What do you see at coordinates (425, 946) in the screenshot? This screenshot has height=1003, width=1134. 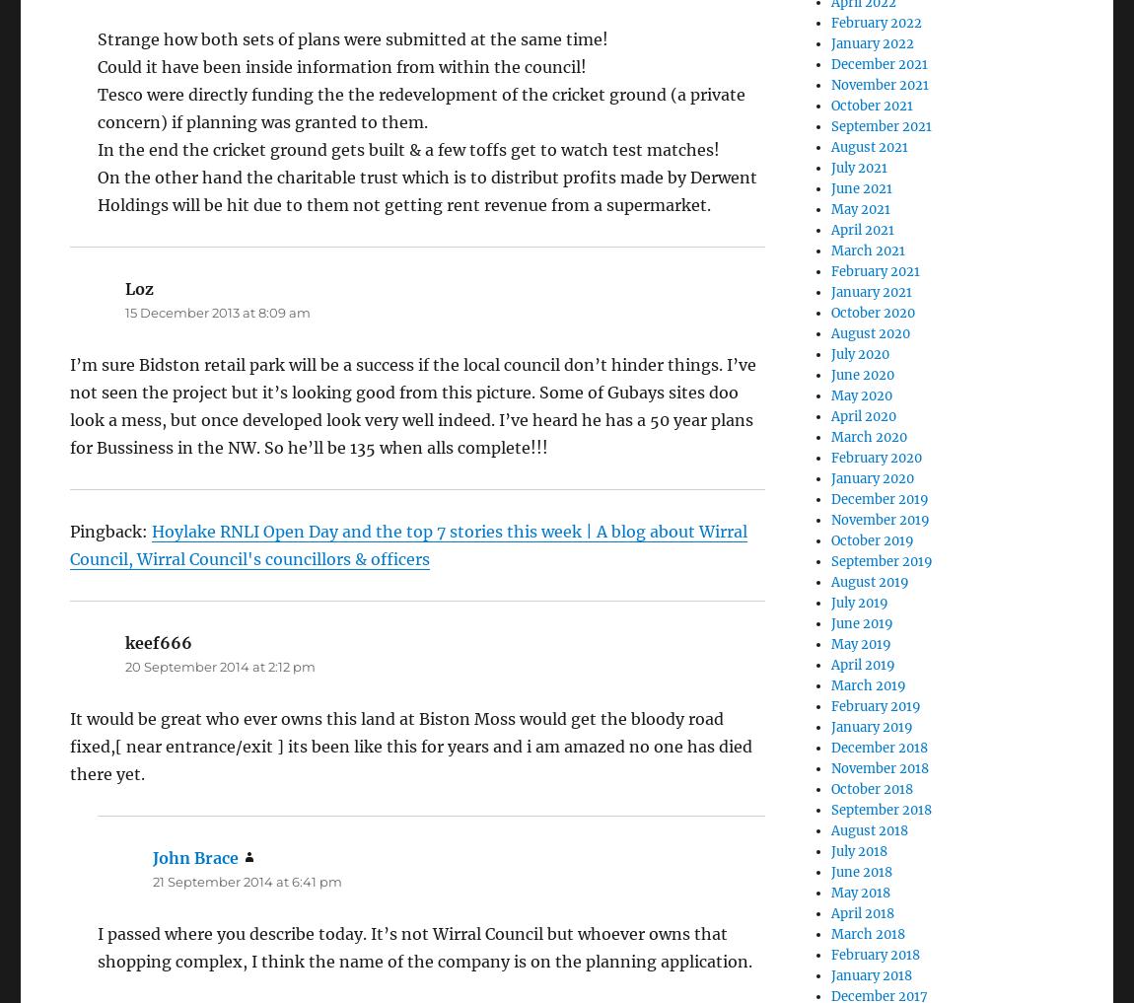 I see `'I passed where you describe today. It’s not Wirral Council but whoever owns that shopping complex, I think the name of the company is on the planning application.'` at bounding box center [425, 946].